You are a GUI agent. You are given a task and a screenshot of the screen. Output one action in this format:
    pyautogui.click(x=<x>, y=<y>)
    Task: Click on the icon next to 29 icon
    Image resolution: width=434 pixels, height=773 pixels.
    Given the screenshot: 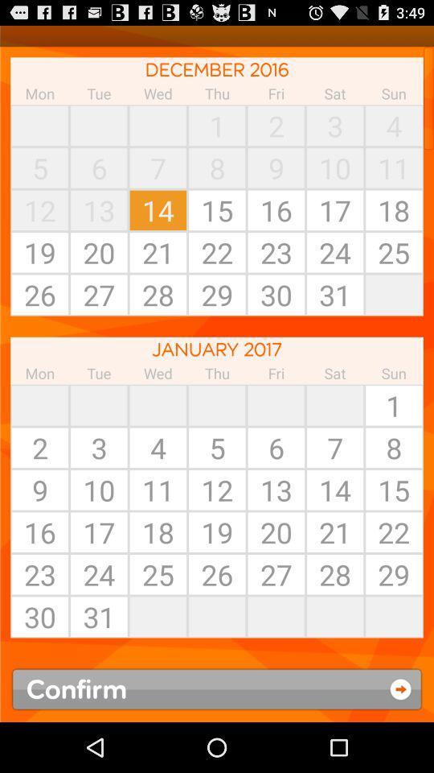 What is the action you would take?
    pyautogui.click(x=334, y=616)
    